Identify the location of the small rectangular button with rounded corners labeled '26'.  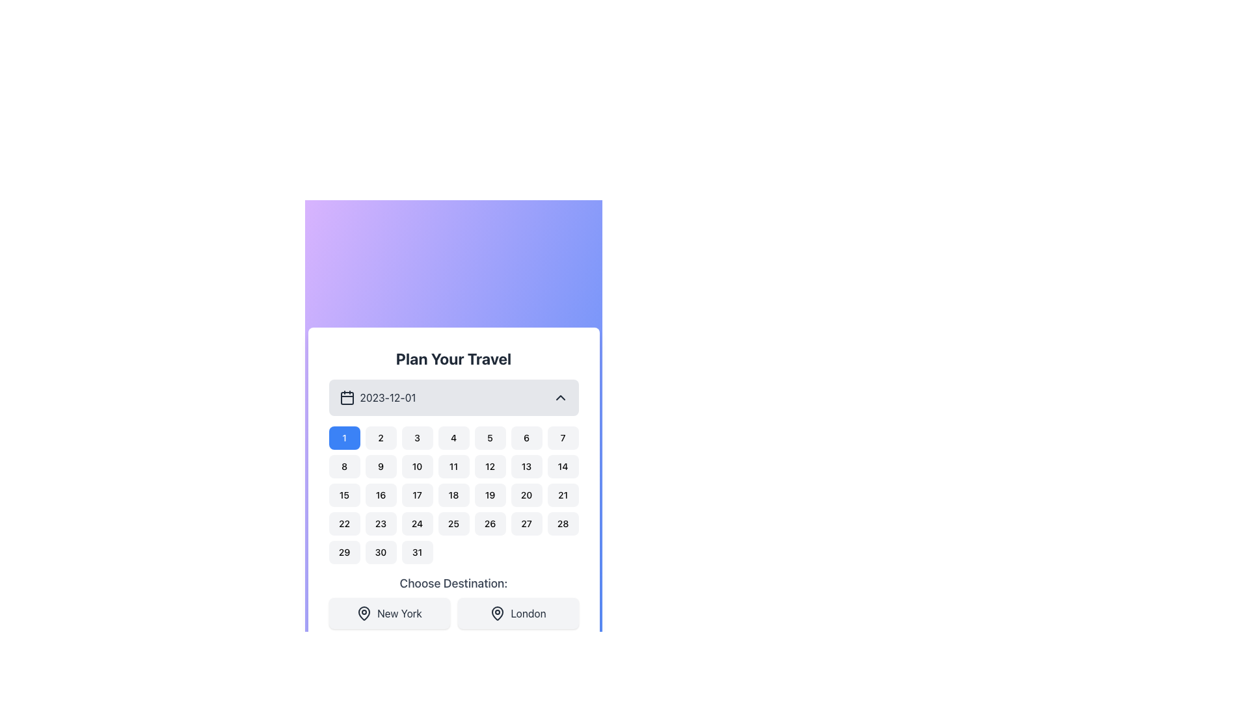
(489, 523).